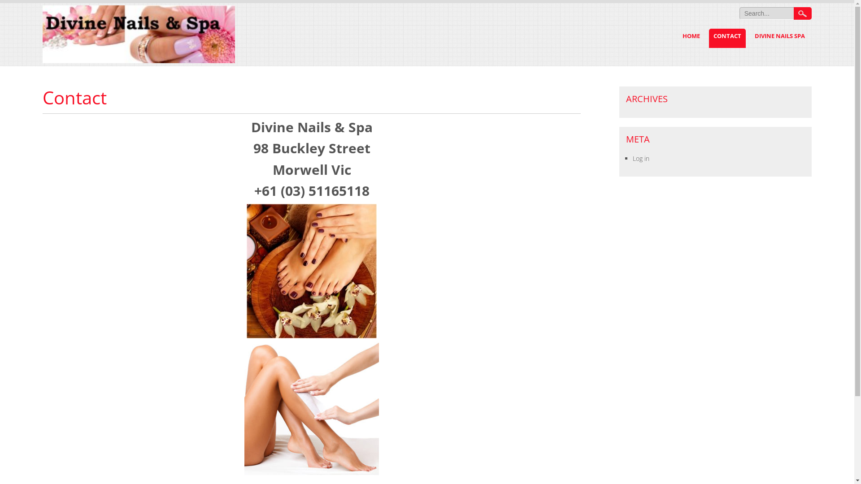 The width and height of the screenshot is (861, 484). What do you see at coordinates (678, 38) in the screenshot?
I see `'HOME'` at bounding box center [678, 38].